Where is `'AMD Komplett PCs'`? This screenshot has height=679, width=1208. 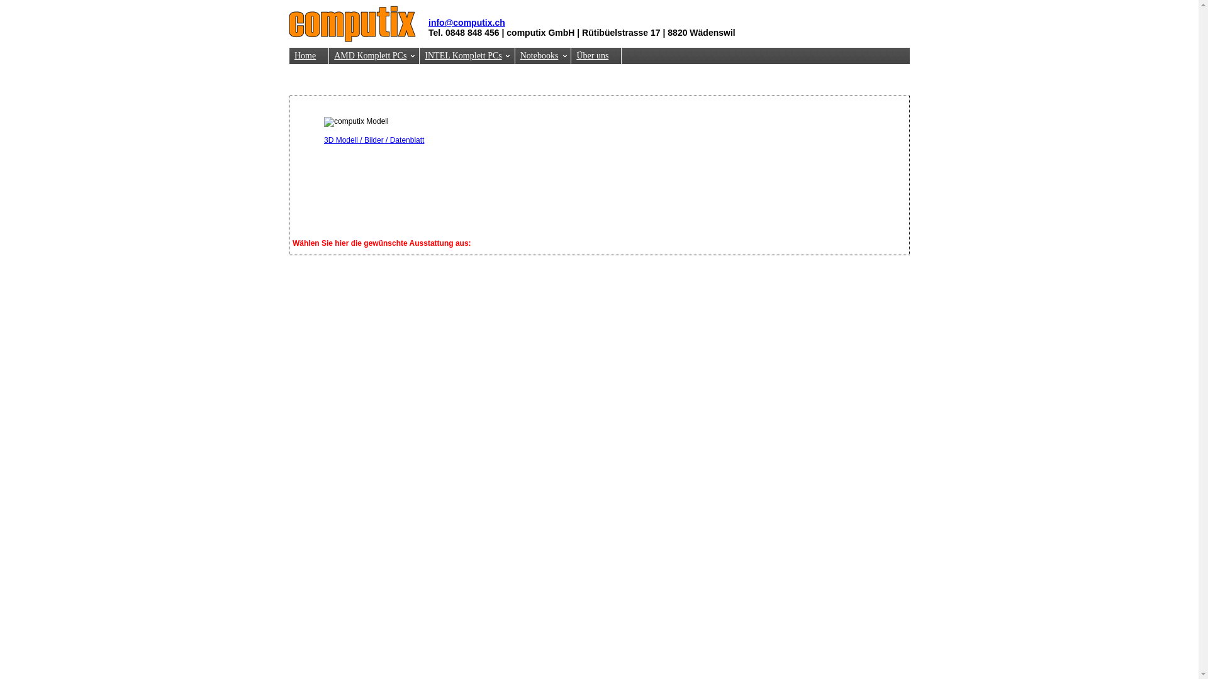 'AMD Komplett PCs' is located at coordinates (329, 55).